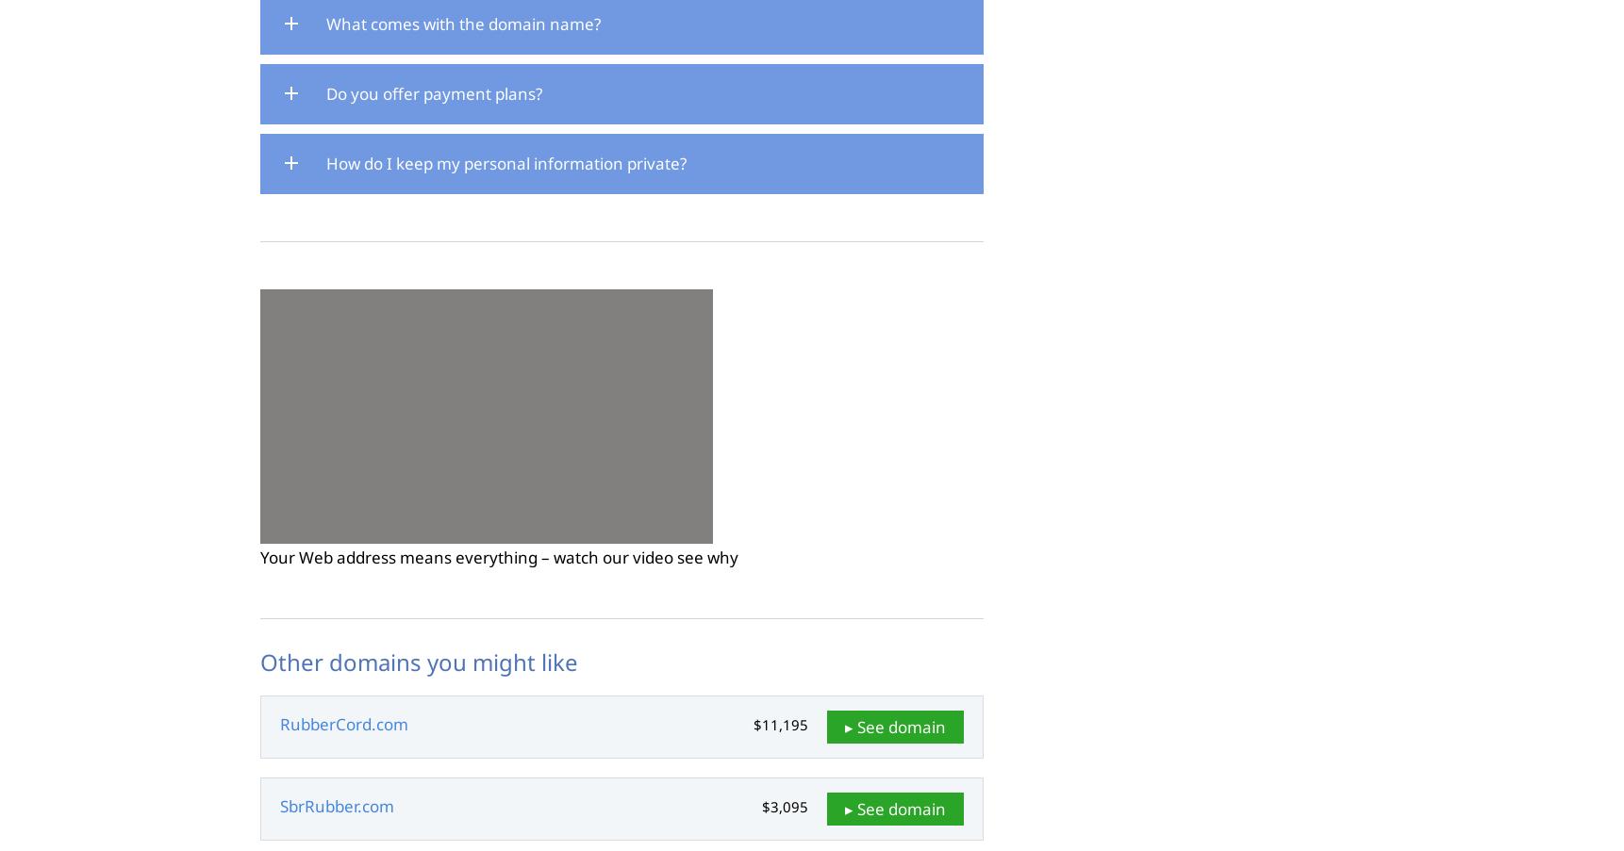 Image resolution: width=1624 pixels, height=851 pixels. I want to click on 'RubberCord.com', so click(343, 724).